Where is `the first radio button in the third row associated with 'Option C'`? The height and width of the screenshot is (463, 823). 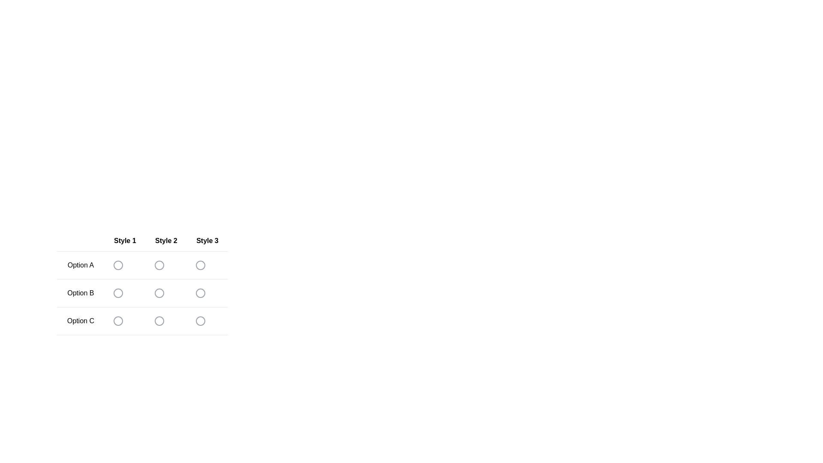
the first radio button in the third row associated with 'Option C' is located at coordinates (117, 321).